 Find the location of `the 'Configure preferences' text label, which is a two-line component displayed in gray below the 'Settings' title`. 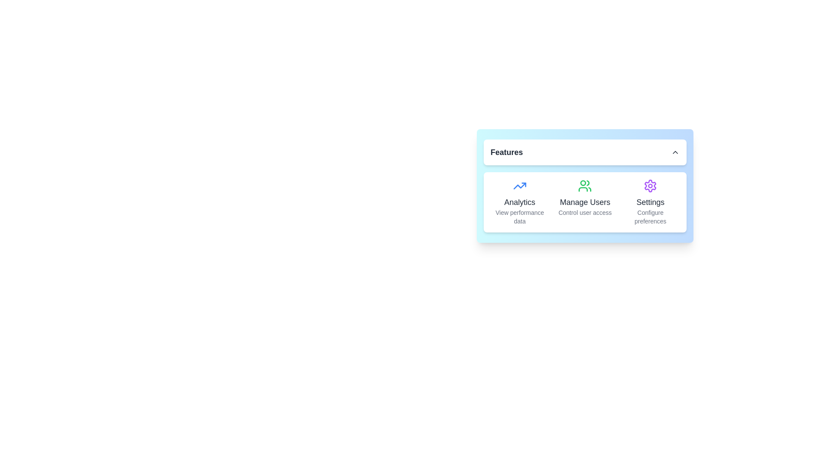

the 'Configure preferences' text label, which is a two-line component displayed in gray below the 'Settings' title is located at coordinates (650, 217).